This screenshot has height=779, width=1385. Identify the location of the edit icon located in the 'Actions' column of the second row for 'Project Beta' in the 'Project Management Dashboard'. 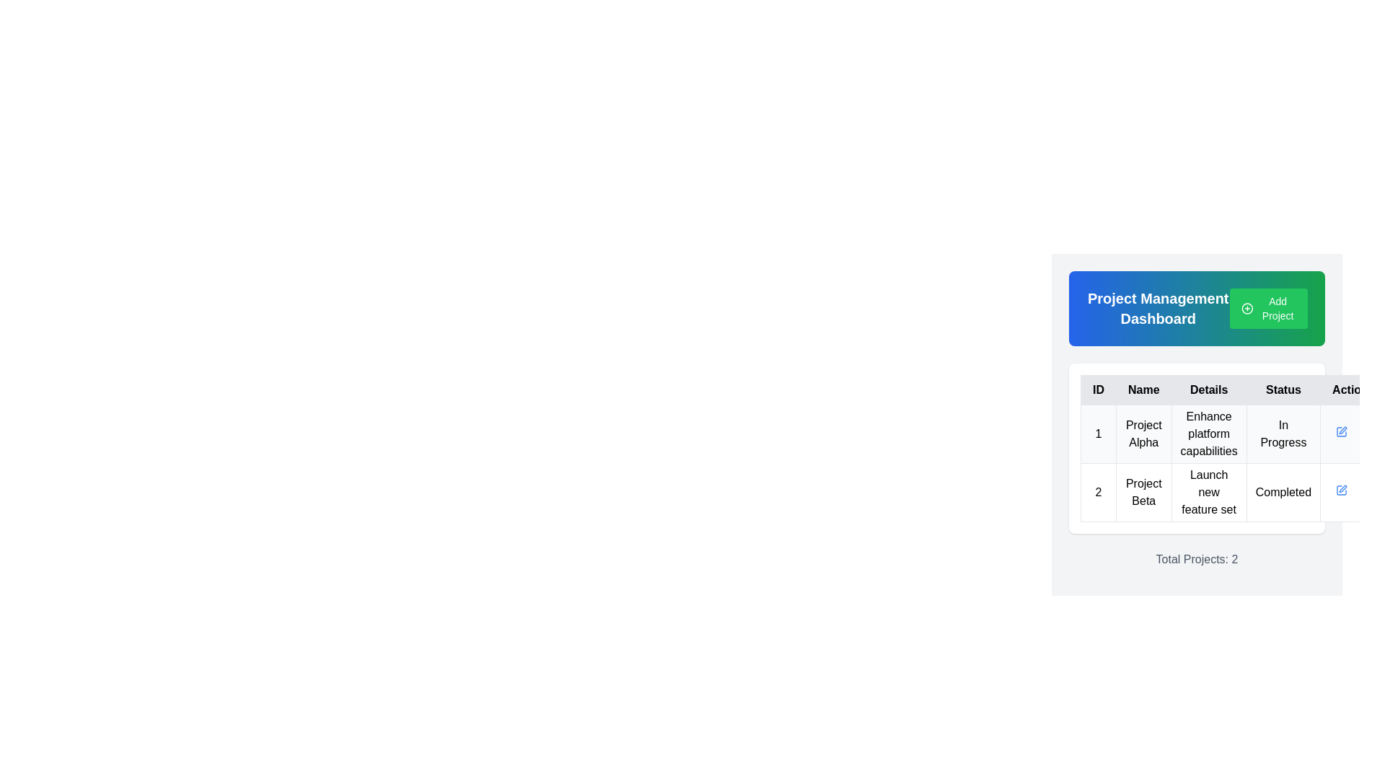
(1342, 488).